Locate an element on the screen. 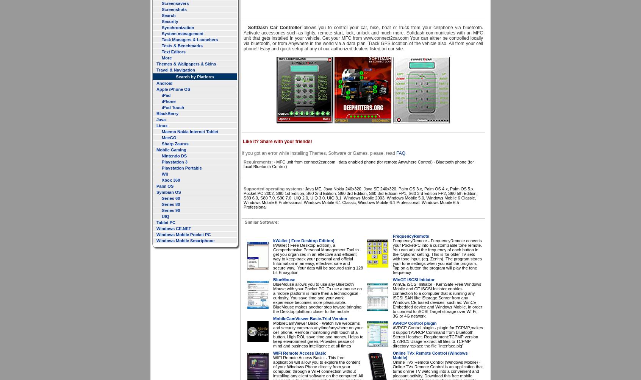  'allows you to control your car, bike, boat or  truck from your cellphone via bluetooth. Activate accessories such as  lights, remote start, lock, unlock and much more. Softdash communicates  with an MFC unit that gets installed in your vehicle. Get your MFC from  www.connect2car.com Your can either be controlled locally via bluetooth,  or from Anywhere in the world via a data plan. Track GPS location of  the vehicle also. All from your cell phone!! Easy and quick setup at any  of our authorized dealers listed on our site.' is located at coordinates (243, 38).